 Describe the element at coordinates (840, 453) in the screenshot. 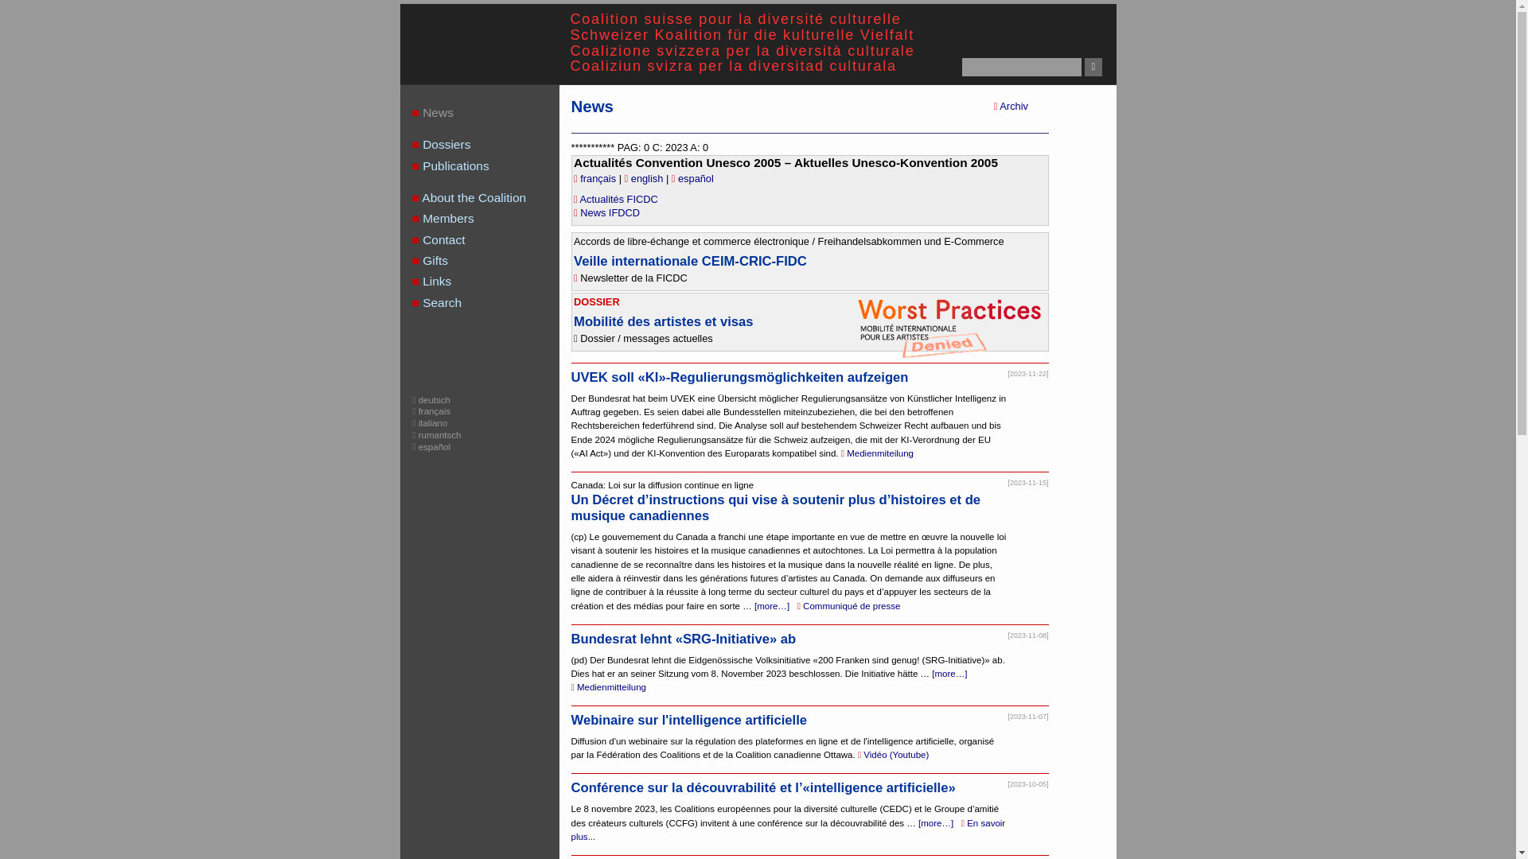

I see `'Medienmiteilung'` at that location.